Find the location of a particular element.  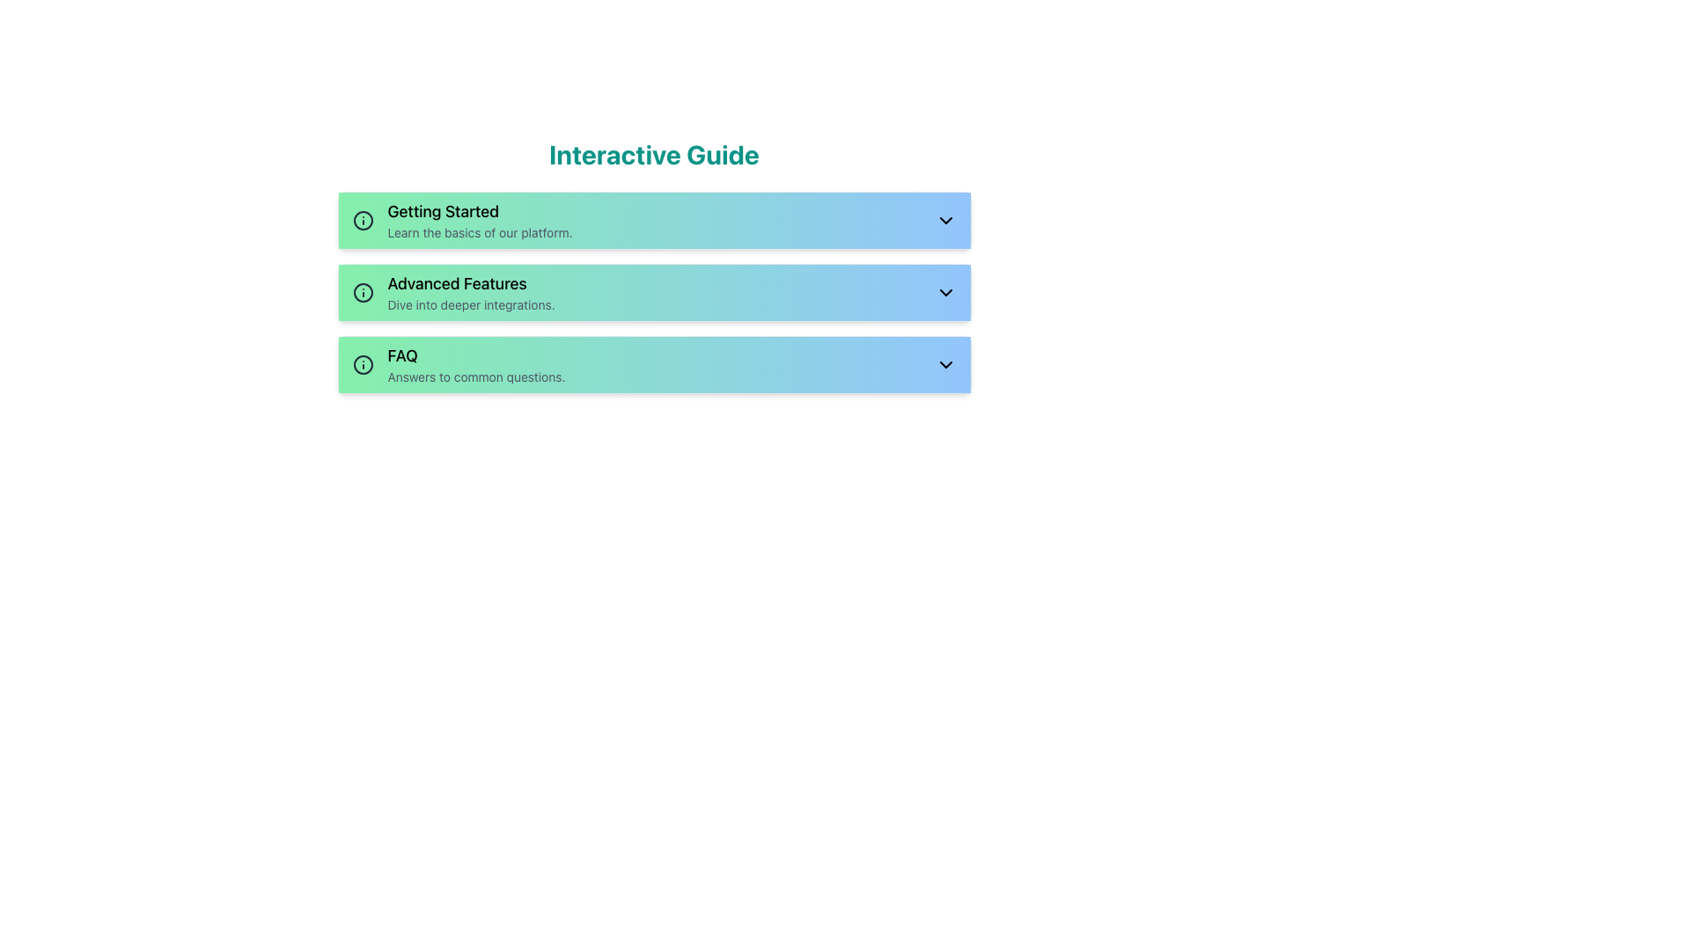

the 'Advanced Features' button, which has a gradient background from green to blue and is the second button in the list is located at coordinates (653, 291).